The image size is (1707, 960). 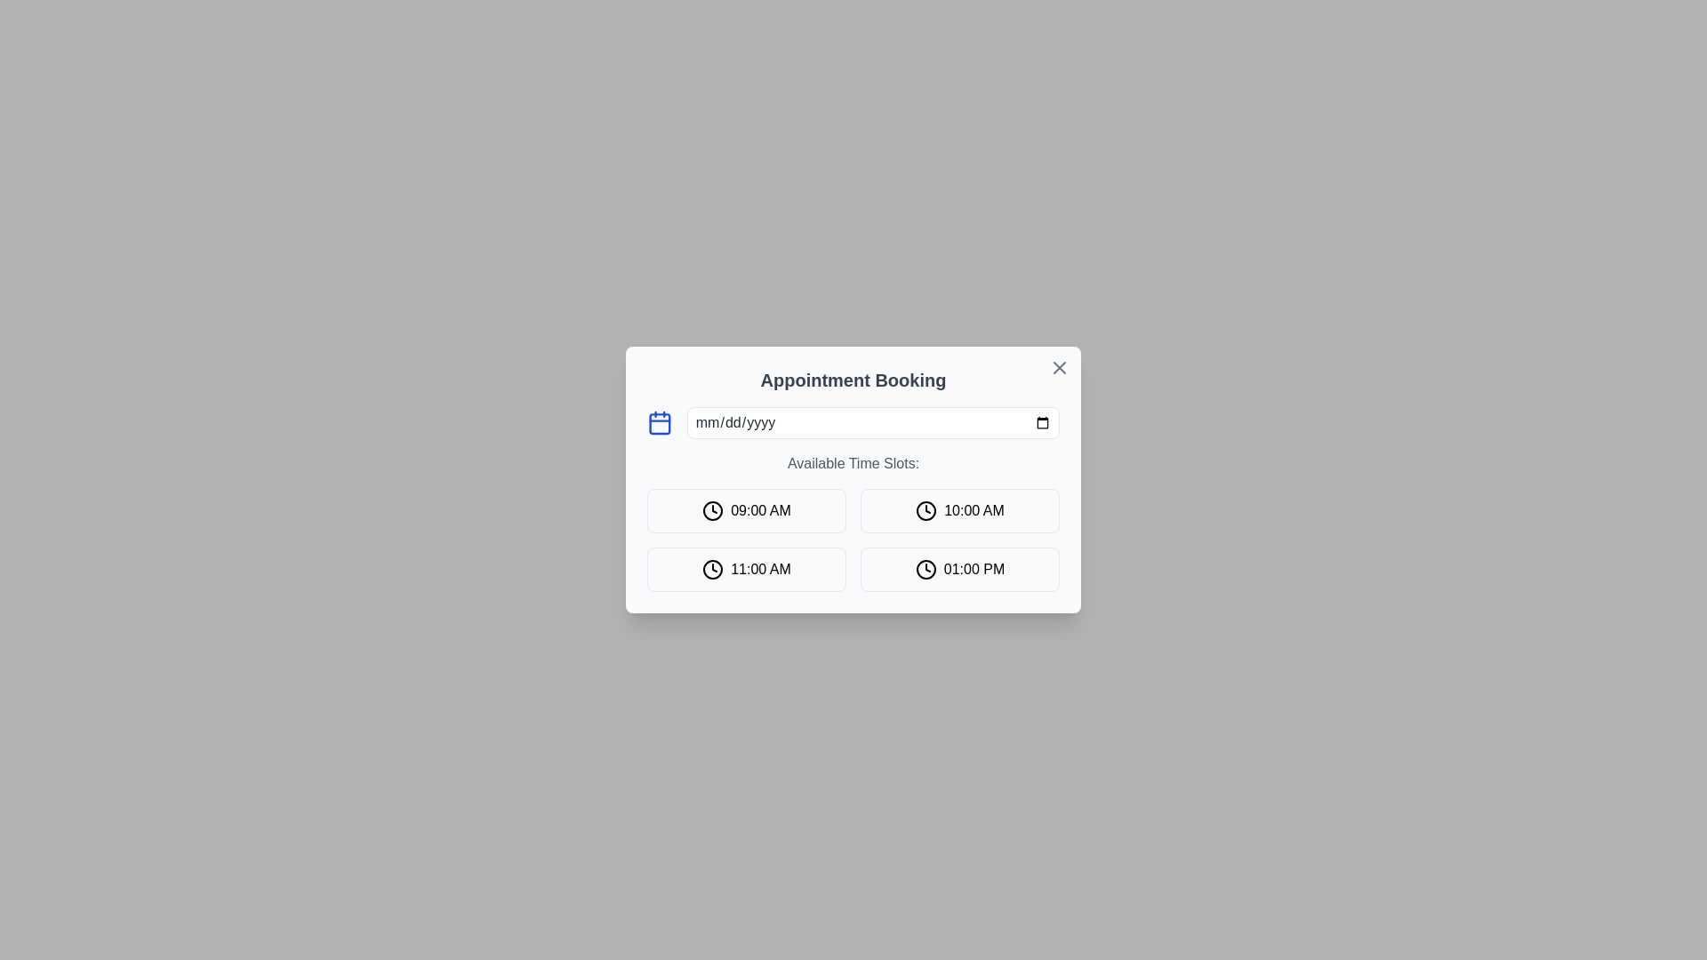 What do you see at coordinates (959, 510) in the screenshot?
I see `the rectangular button with rounded corners containing a clock icon and the text '10:00 AM'` at bounding box center [959, 510].